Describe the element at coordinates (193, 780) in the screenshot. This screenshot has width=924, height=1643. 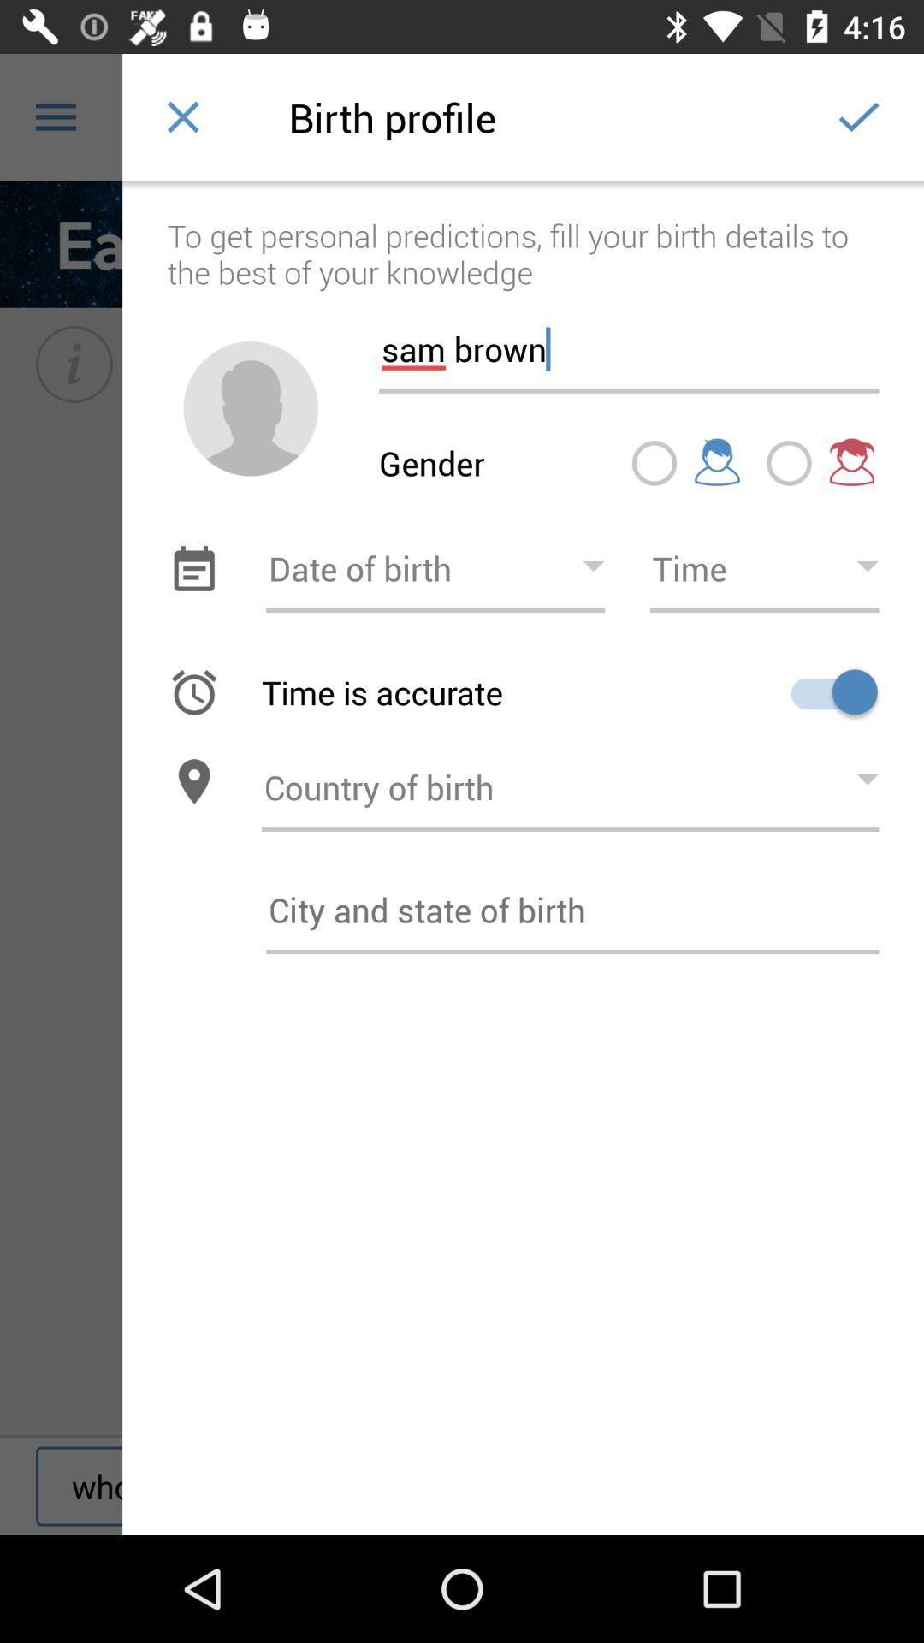
I see `to location toggle to maps` at that location.